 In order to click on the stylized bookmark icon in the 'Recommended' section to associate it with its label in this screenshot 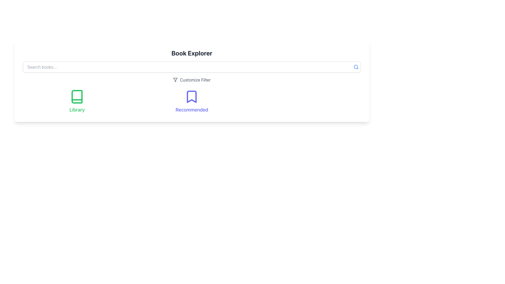, I will do `click(191, 97)`.